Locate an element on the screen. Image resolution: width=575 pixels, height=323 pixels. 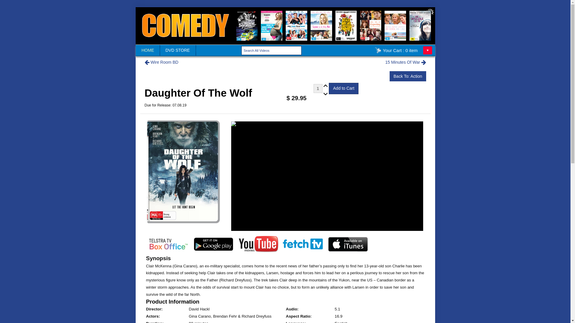
'Add to Cart' is located at coordinates (344, 89).